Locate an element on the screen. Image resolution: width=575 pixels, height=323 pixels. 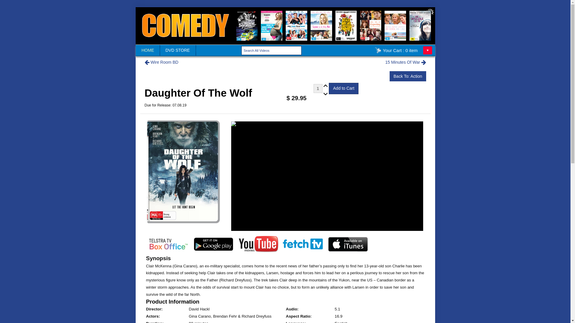
'Add to Cart' is located at coordinates (344, 89).